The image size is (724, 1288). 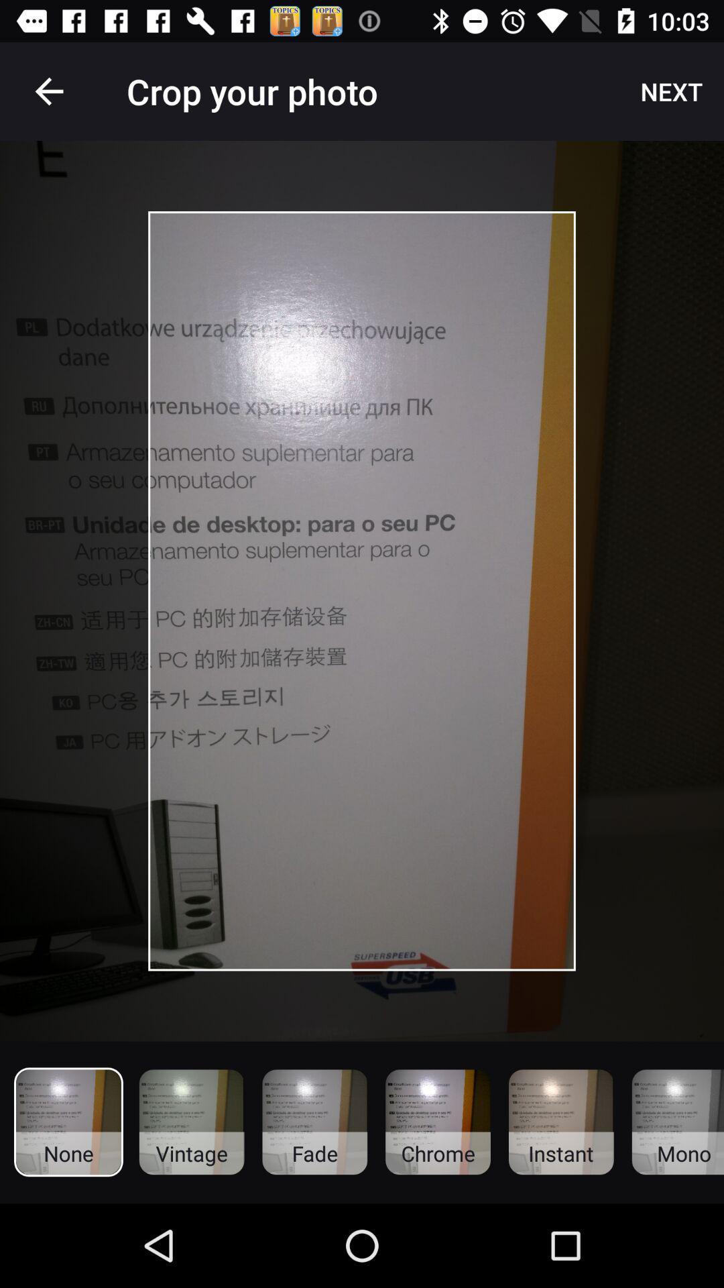 I want to click on the button right to instant, so click(x=678, y=1122).